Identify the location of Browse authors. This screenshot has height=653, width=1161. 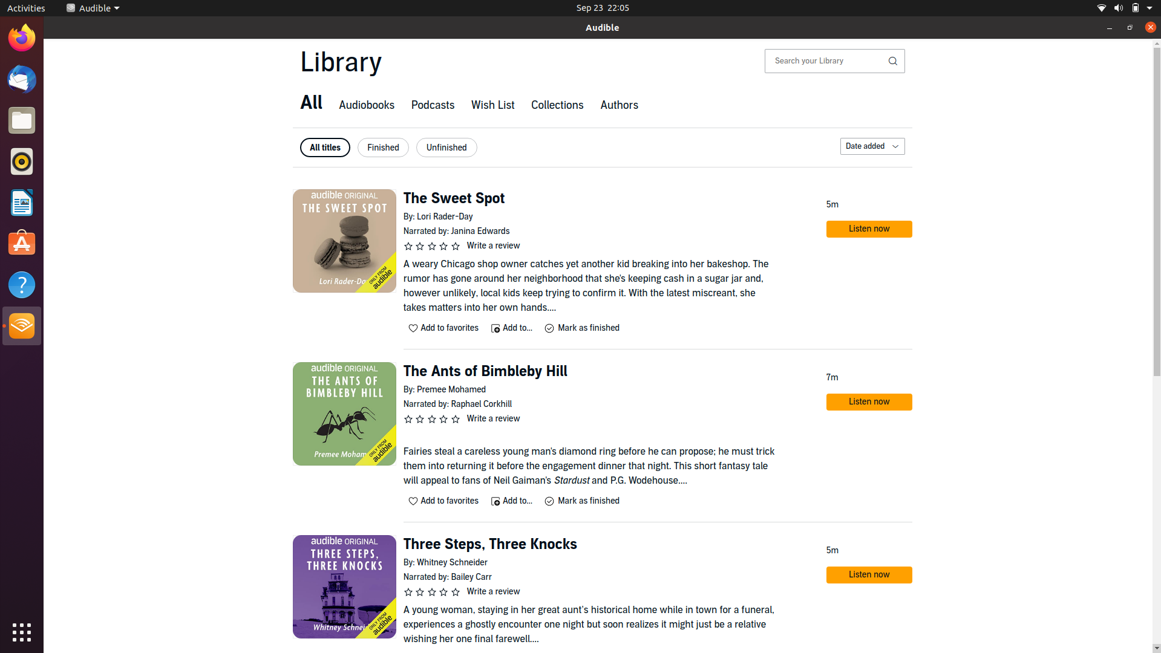
(618, 106).